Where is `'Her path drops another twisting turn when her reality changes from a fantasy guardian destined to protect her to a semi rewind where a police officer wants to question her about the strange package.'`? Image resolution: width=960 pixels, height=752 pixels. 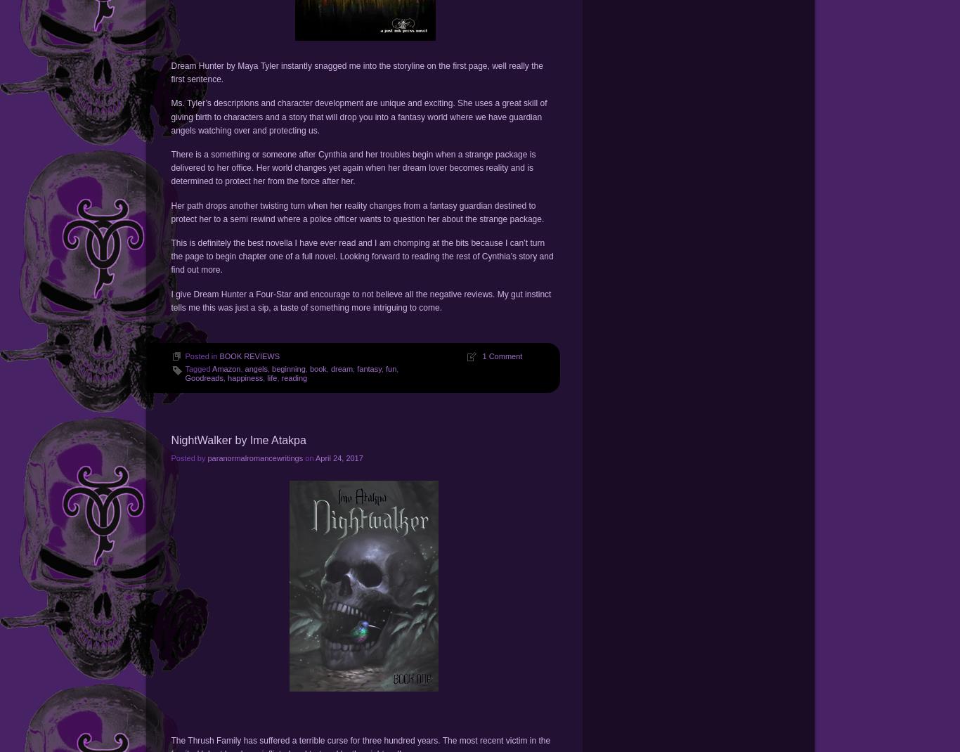
'Her path drops another twisting turn when her reality changes from a fantasy guardian destined to protect her to a semi rewind where a police officer wants to question her about the strange package.' is located at coordinates (357, 212).